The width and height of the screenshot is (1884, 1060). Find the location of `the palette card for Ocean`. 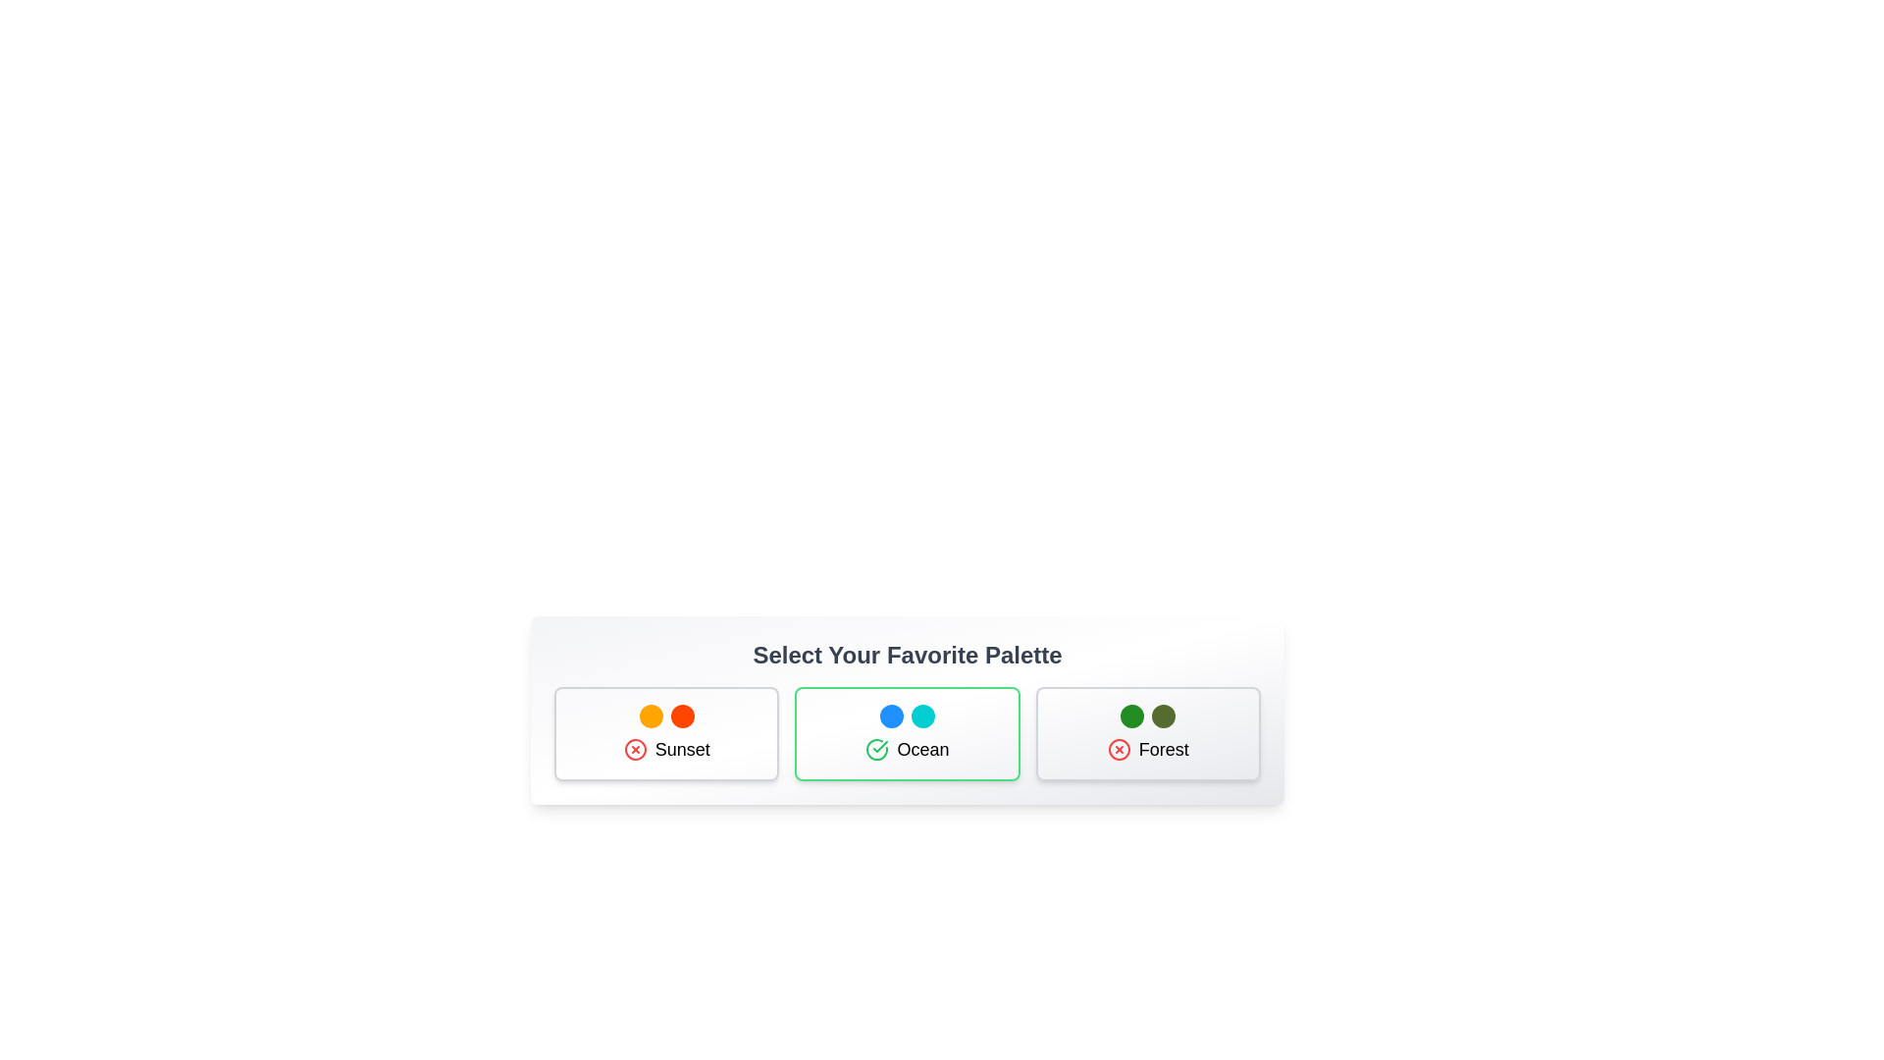

the palette card for Ocean is located at coordinates (907, 734).